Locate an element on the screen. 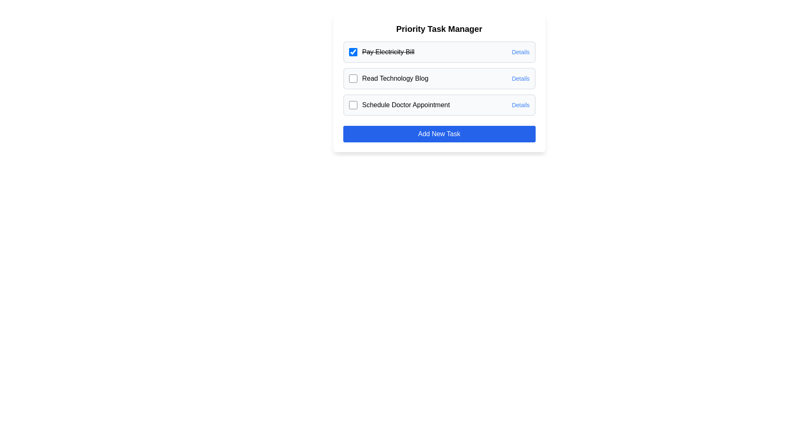  the 'Add New Task' button to initiate the task addition process is located at coordinates (439, 134).